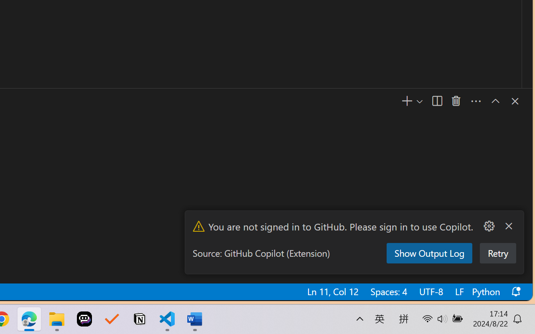 The image size is (535, 334). Describe the element at coordinates (485, 291) in the screenshot. I see `'Python'` at that location.